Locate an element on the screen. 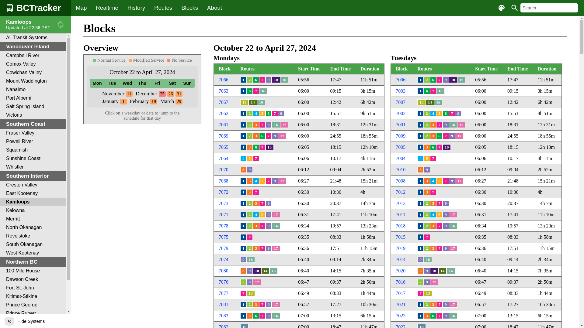  '16' is located at coordinates (461, 79).